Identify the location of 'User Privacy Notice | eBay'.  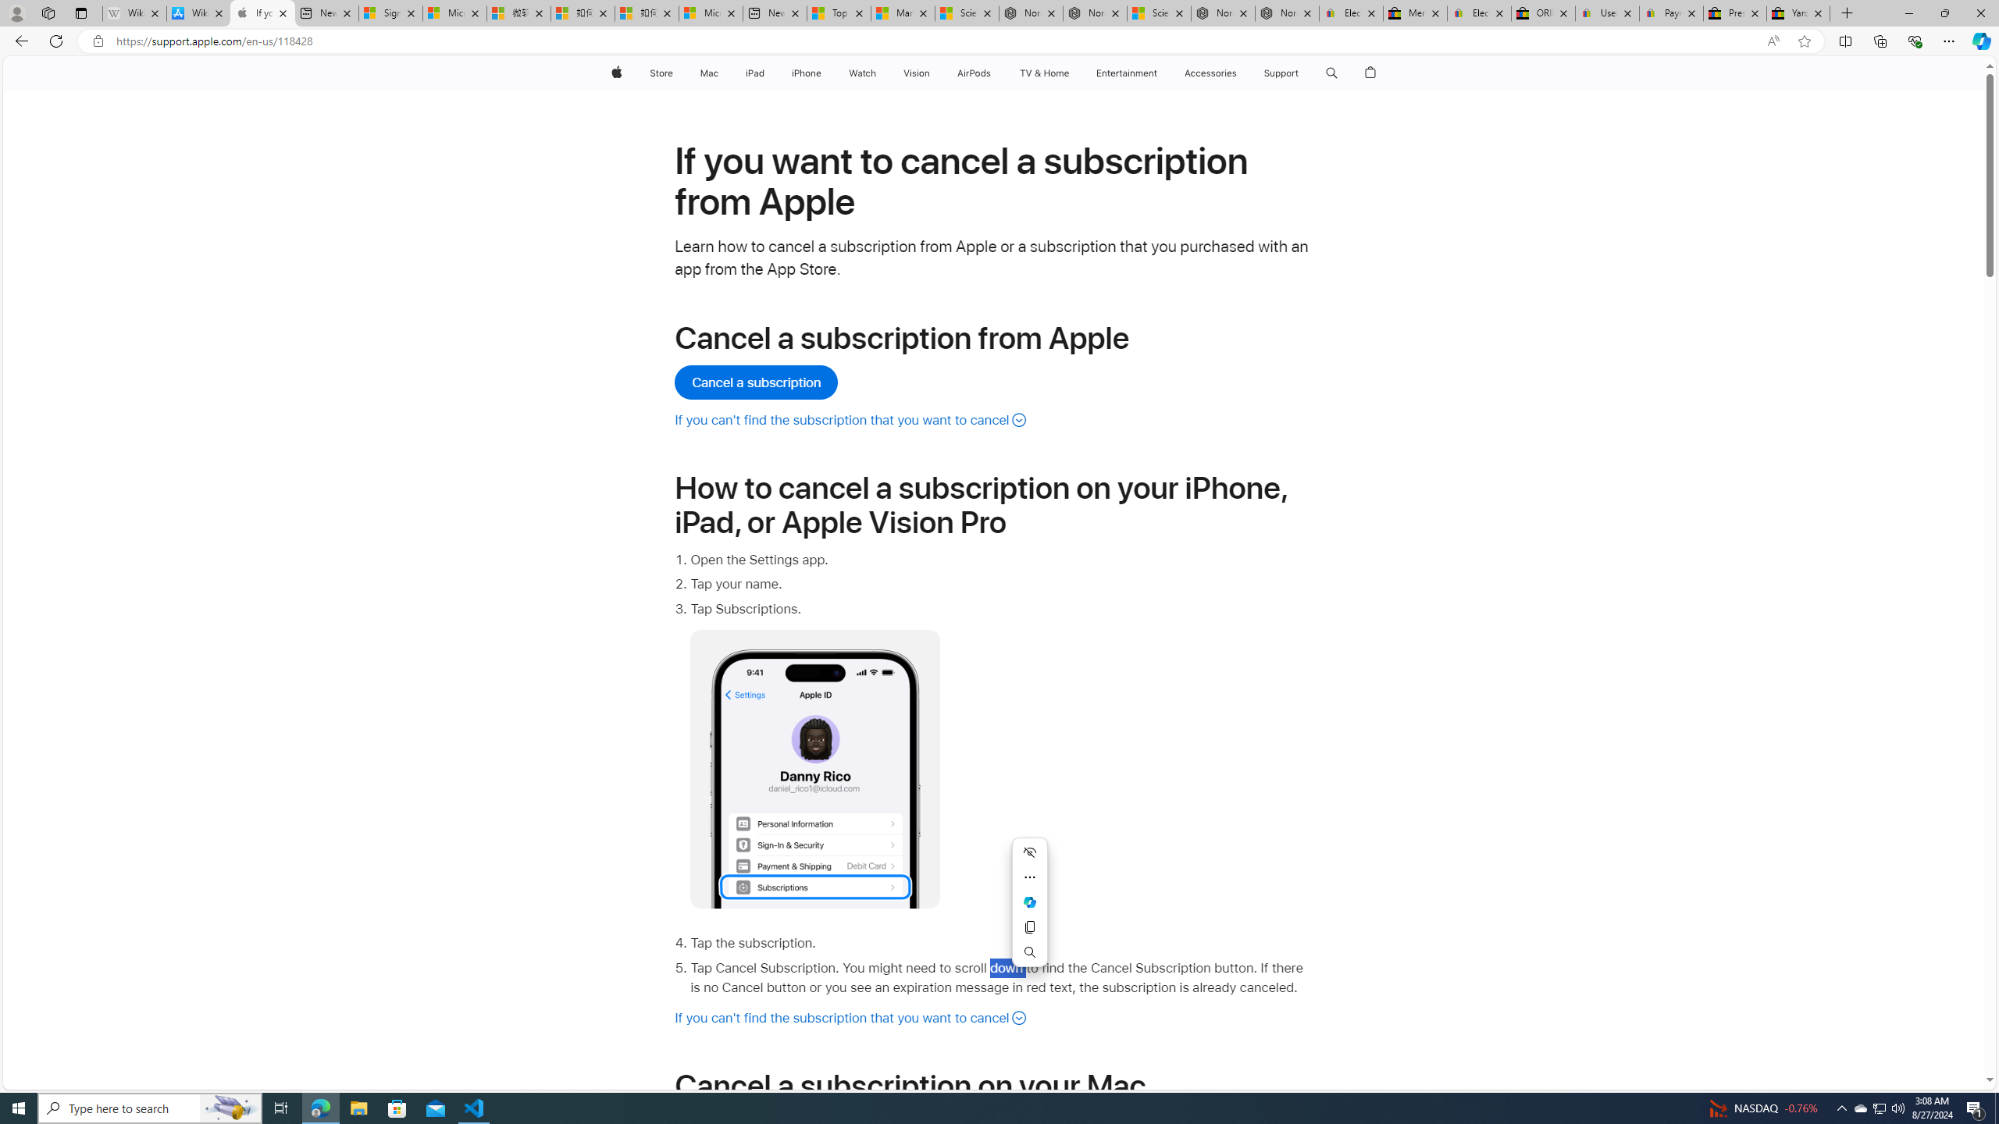
(1607, 12).